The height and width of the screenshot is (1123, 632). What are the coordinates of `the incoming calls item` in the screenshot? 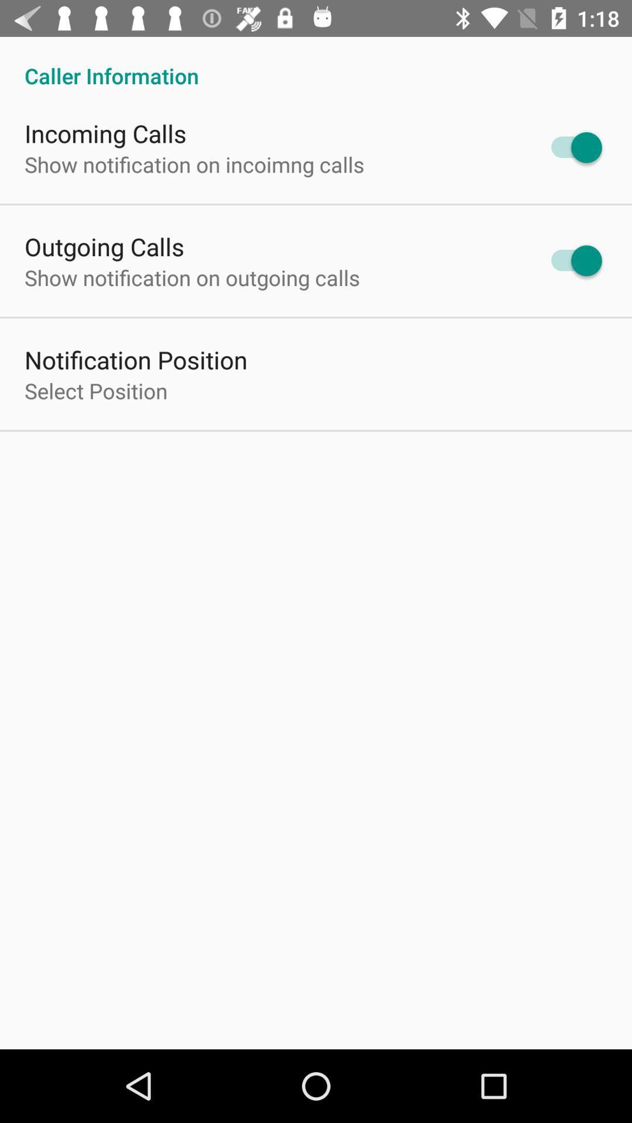 It's located at (105, 133).